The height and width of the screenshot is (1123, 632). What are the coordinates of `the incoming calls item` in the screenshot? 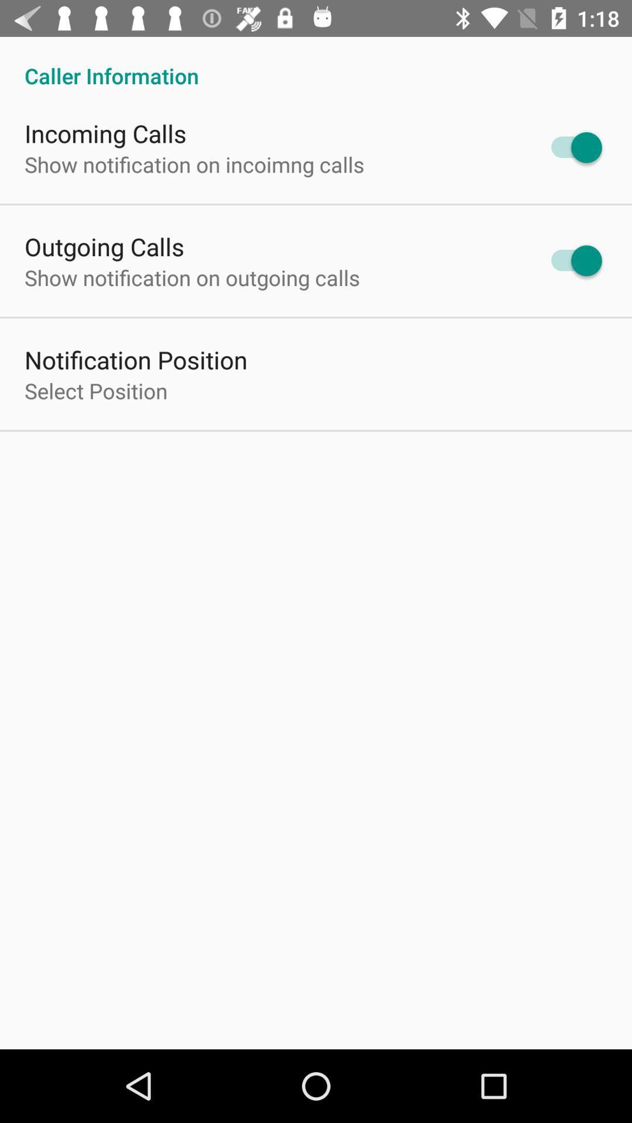 It's located at (105, 133).